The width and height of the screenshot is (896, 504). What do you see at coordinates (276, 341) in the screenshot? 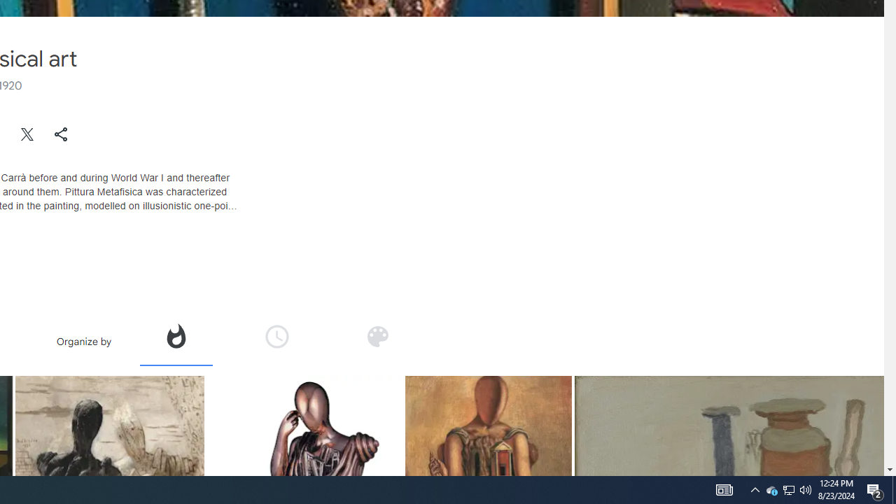
I see `'Organize by time'` at bounding box center [276, 341].